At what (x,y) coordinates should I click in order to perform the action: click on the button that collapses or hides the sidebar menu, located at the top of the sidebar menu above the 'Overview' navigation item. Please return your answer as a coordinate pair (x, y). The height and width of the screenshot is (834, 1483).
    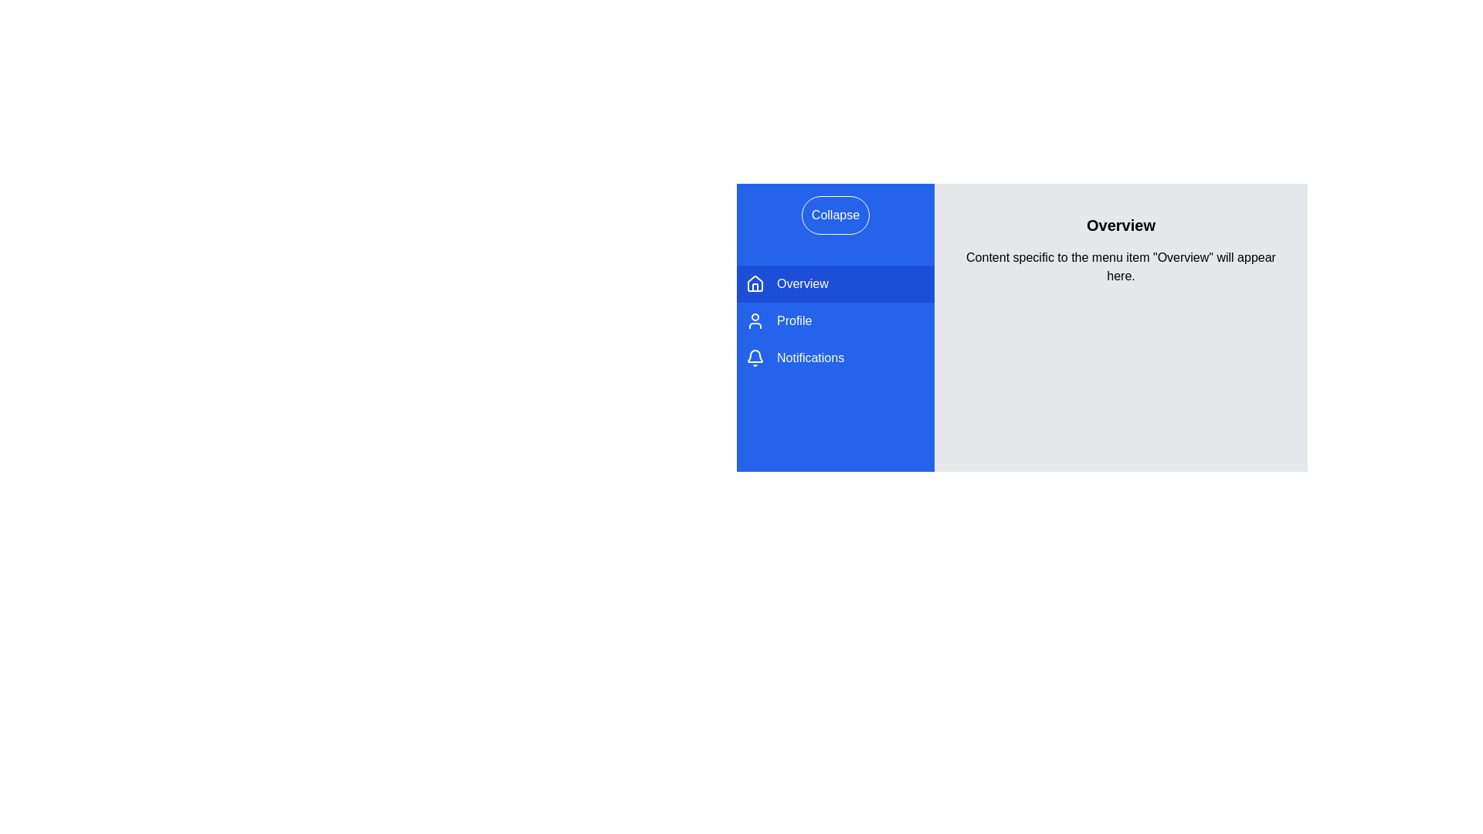
    Looking at the image, I should click on (834, 215).